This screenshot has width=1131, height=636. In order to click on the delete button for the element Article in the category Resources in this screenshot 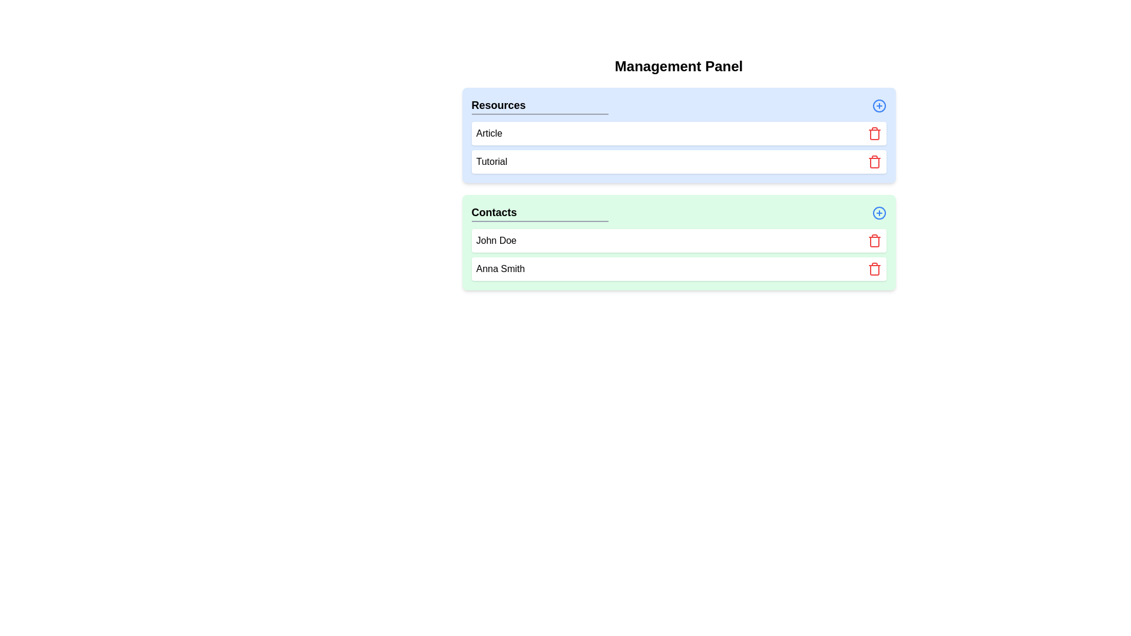, I will do `click(874, 133)`.